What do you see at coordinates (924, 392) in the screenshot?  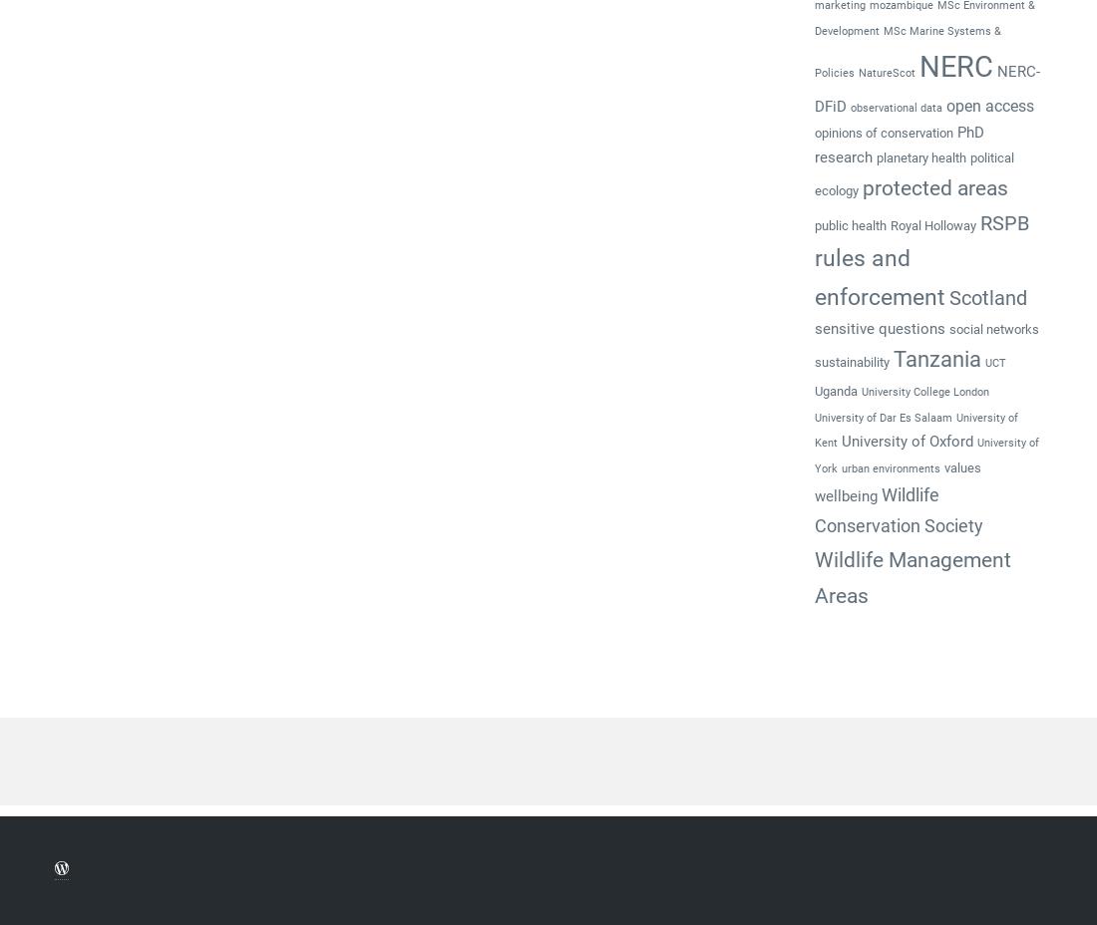 I see `'University College London'` at bounding box center [924, 392].